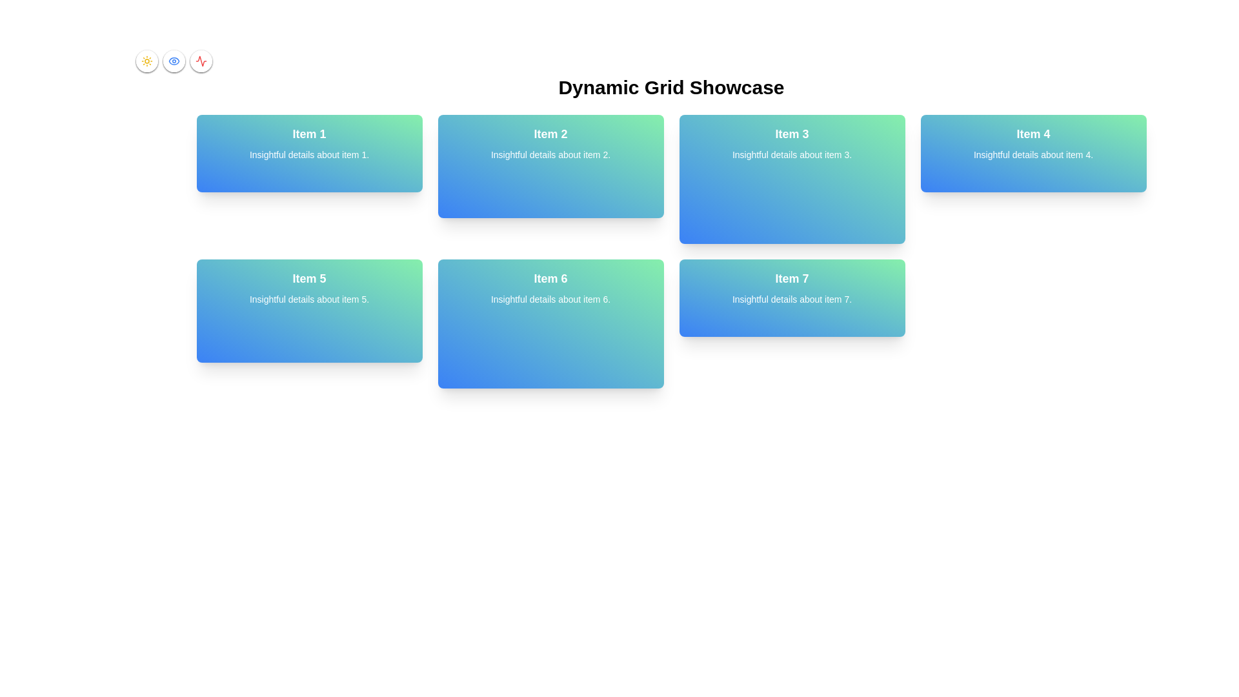  What do you see at coordinates (173, 61) in the screenshot?
I see `the circular button with a white background and a blue eye icon in its center` at bounding box center [173, 61].